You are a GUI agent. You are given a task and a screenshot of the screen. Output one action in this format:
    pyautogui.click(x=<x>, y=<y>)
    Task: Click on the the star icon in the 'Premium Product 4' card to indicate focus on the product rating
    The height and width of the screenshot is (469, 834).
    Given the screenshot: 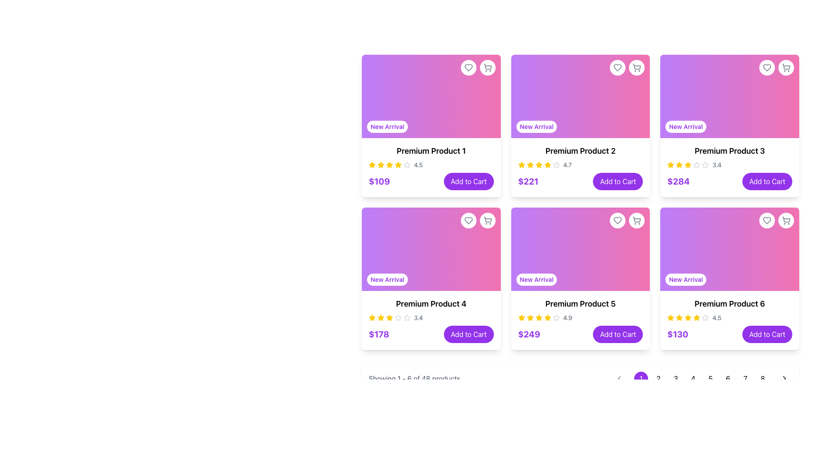 What is the action you would take?
    pyautogui.click(x=372, y=317)
    